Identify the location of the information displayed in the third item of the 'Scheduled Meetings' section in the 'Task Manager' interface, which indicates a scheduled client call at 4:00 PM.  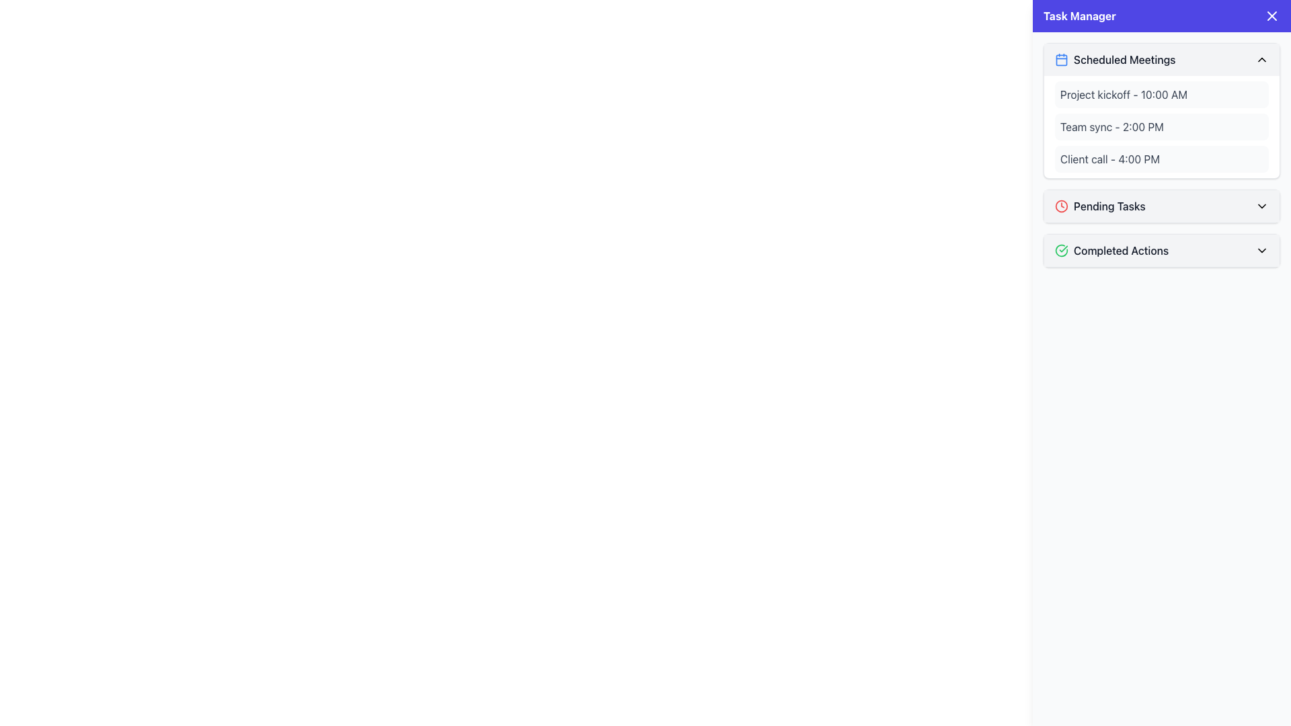
(1110, 158).